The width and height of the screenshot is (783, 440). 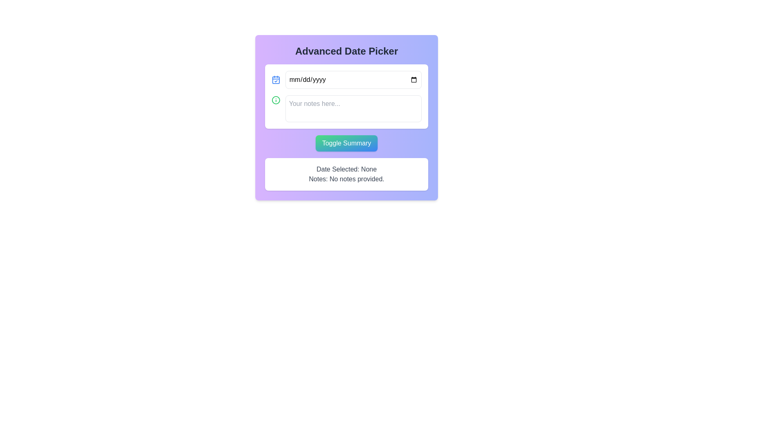 I want to click on the small circular icon with a green outline and 'i' symbol, so click(x=276, y=100).